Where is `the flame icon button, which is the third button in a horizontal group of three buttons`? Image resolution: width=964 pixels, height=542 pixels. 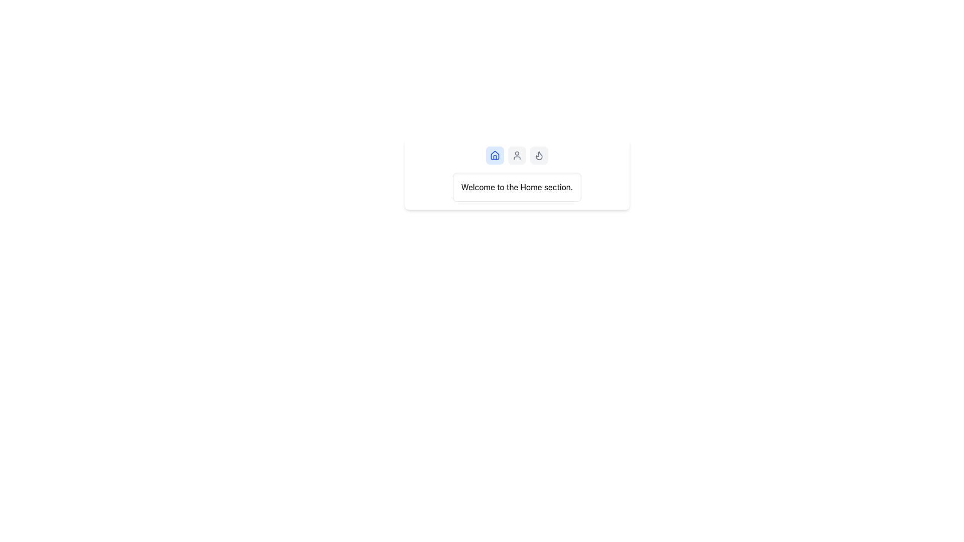
the flame icon button, which is the third button in a horizontal group of three buttons is located at coordinates (539, 155).